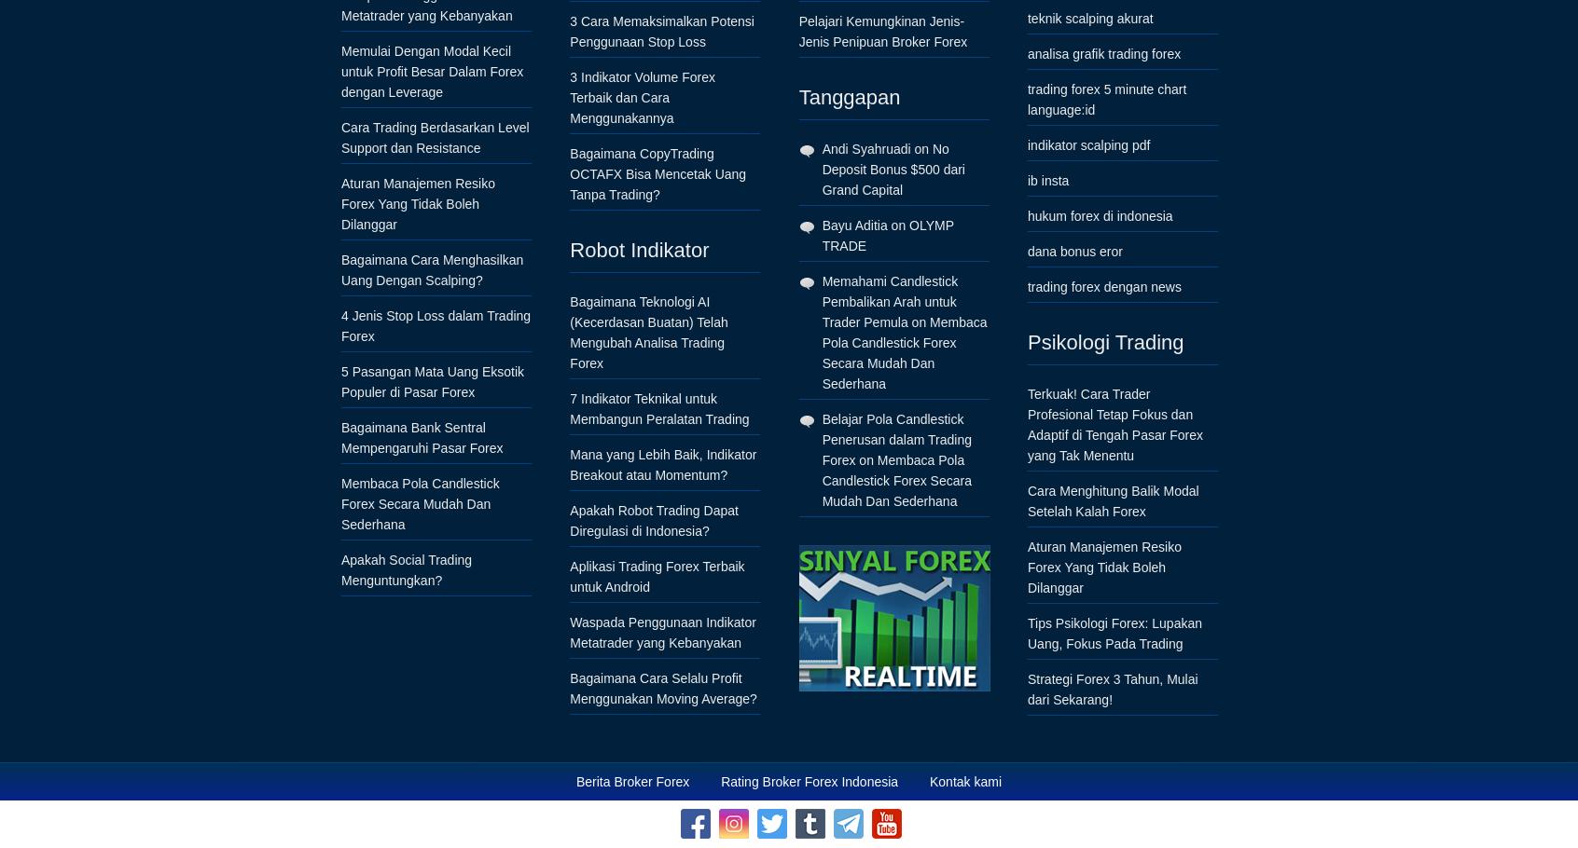 The width and height of the screenshot is (1578, 848). Describe the element at coordinates (661, 464) in the screenshot. I see `'Mana yang Lebih Baik, Indikator Breakout atau Momentum?'` at that location.